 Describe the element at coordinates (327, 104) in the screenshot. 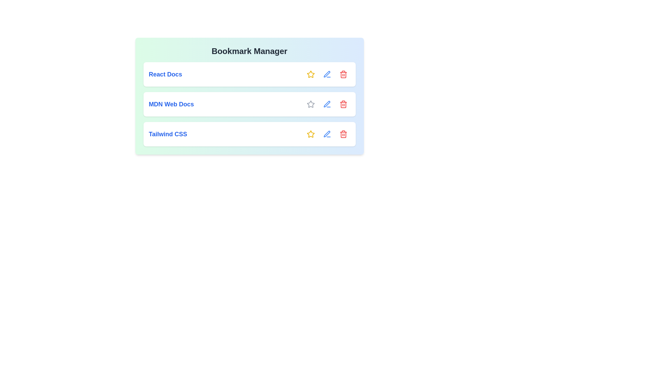

I see `the interactive element MDN Web Docs Edit to reveal its hover state` at that location.